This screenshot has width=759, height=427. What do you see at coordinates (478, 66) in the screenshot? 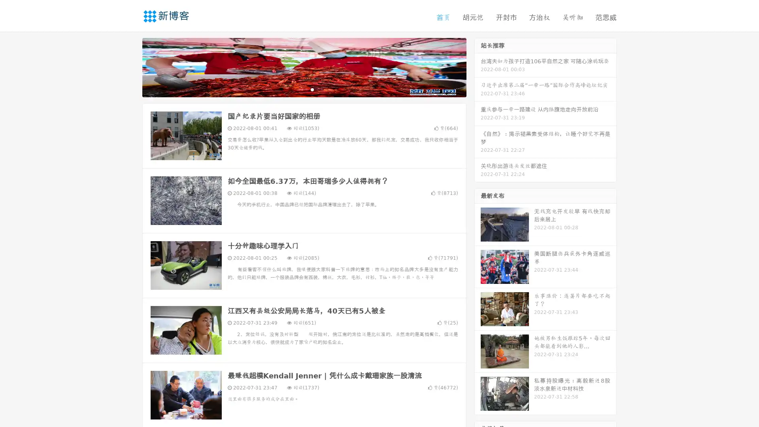
I see `Next slide` at bounding box center [478, 66].